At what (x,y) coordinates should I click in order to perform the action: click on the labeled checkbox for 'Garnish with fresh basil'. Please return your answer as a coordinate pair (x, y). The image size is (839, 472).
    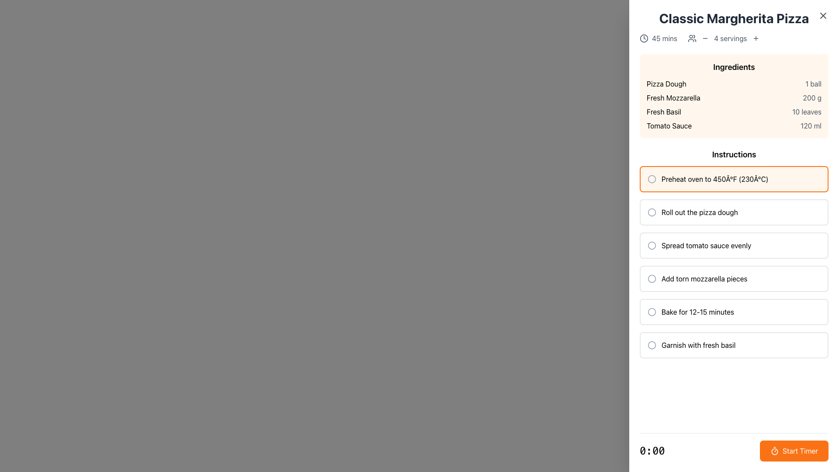
    Looking at the image, I should click on (734, 345).